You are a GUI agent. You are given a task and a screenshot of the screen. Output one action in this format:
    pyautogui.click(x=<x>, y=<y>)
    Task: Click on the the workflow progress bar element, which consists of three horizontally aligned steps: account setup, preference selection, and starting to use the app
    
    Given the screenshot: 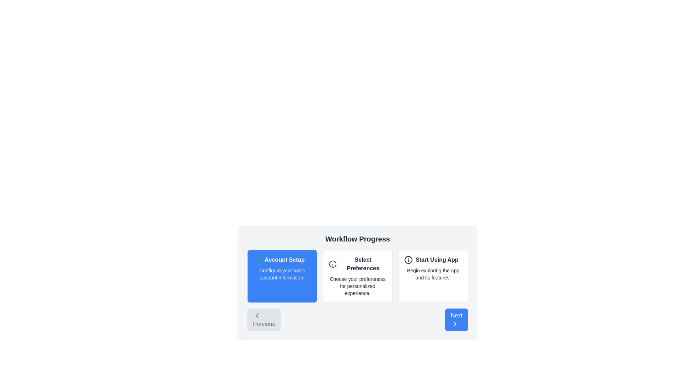 What is the action you would take?
    pyautogui.click(x=358, y=282)
    